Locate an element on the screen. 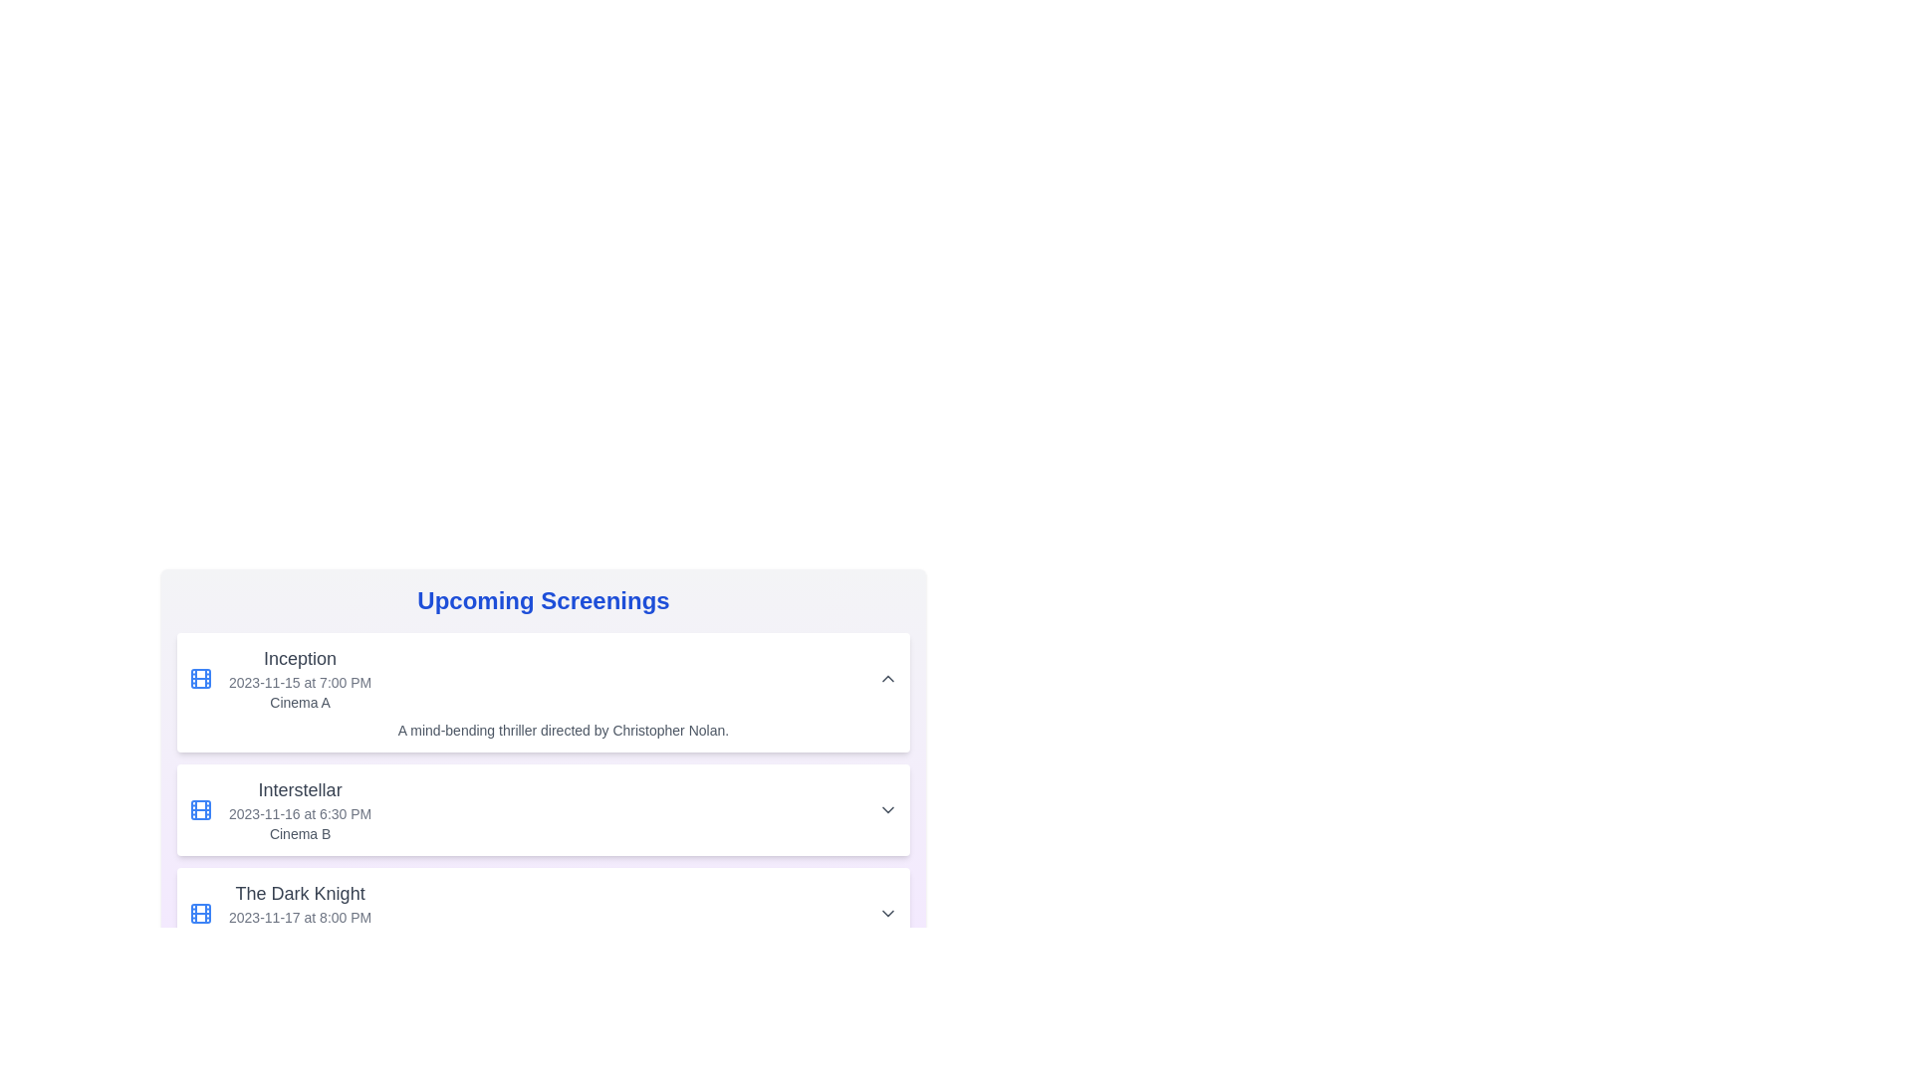 This screenshot has width=1912, height=1075. the information card displaying details about the screening of the movie 'Inception', which is the first card in the list of upcoming screenings is located at coordinates (544, 691).